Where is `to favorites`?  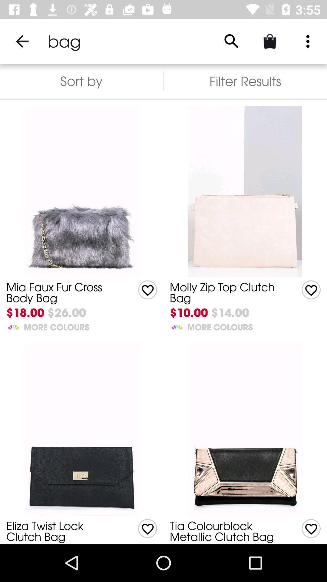
to favorites is located at coordinates (147, 528).